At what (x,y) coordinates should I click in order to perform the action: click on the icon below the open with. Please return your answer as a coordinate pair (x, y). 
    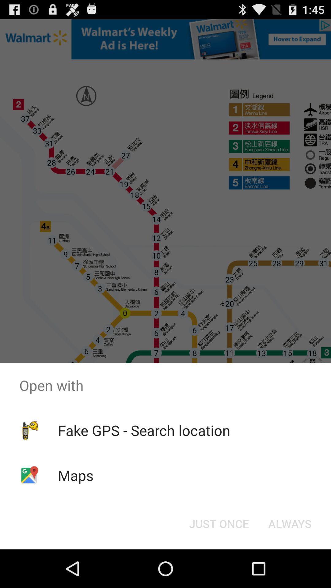
    Looking at the image, I should click on (290, 523).